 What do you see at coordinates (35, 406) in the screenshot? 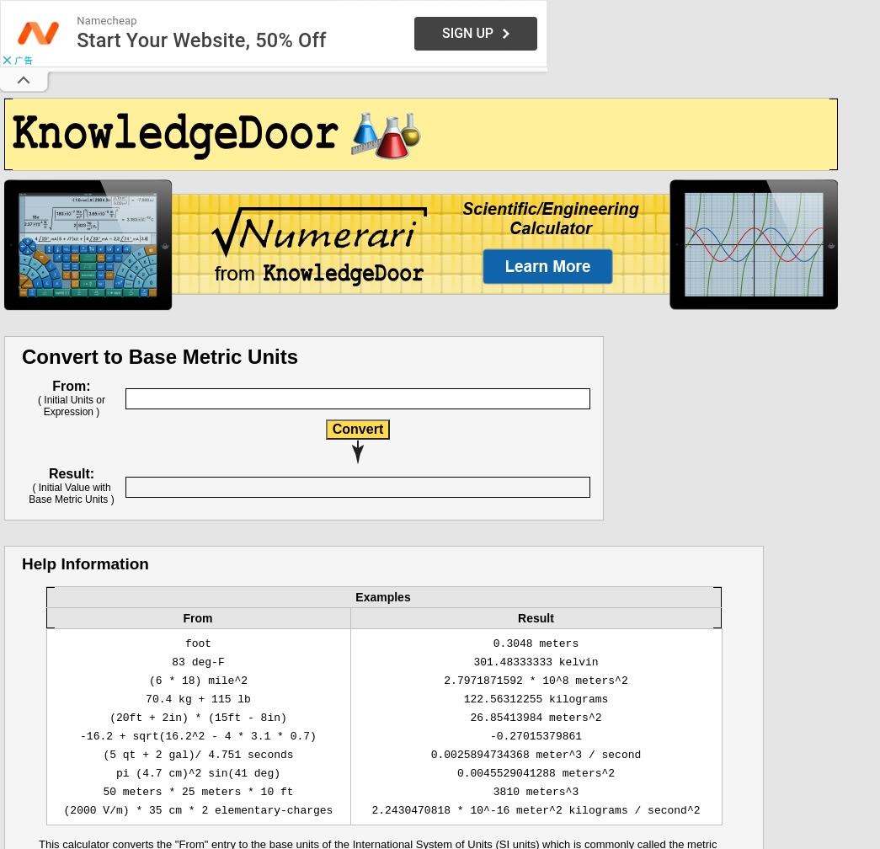
I see `'( Initial Units or Expression )'` at bounding box center [35, 406].